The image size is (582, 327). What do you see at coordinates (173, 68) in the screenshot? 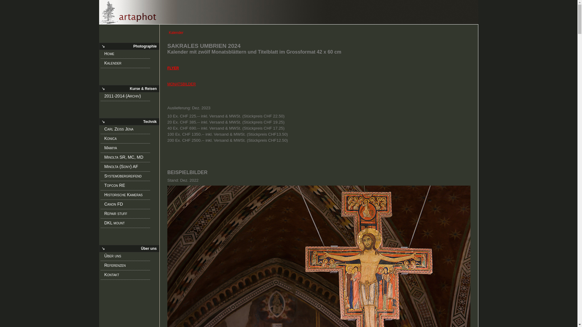
I see `'FLYER'` at bounding box center [173, 68].